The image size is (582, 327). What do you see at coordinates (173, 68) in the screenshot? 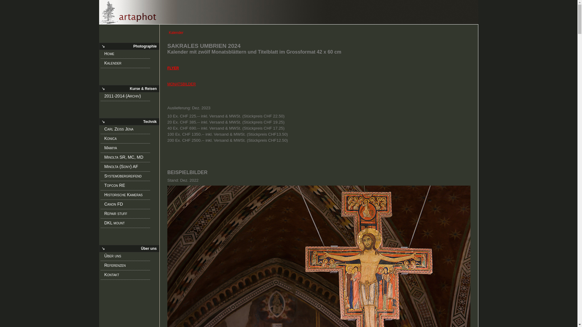
I see `'FLYER'` at bounding box center [173, 68].